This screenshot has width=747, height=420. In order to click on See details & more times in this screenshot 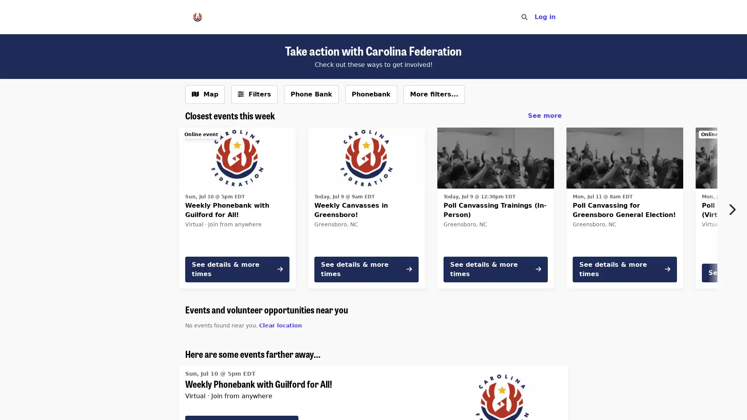, I will do `click(625, 268)`.